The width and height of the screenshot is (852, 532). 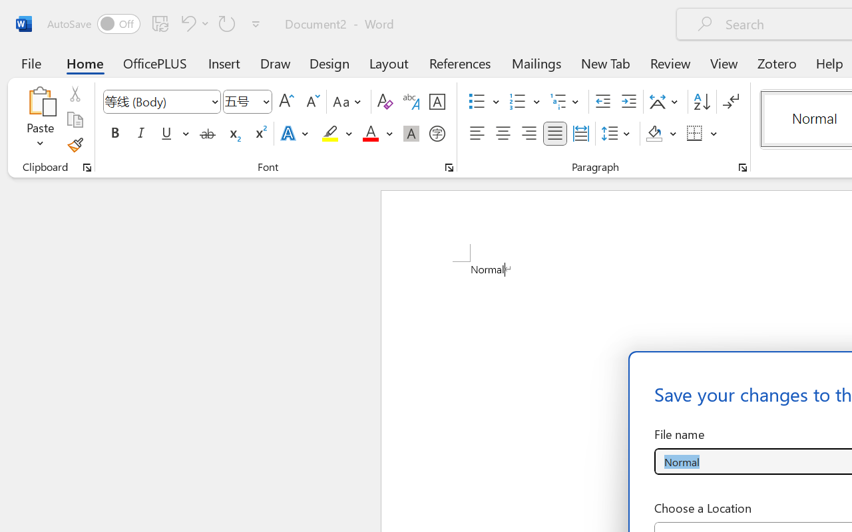 What do you see at coordinates (160, 23) in the screenshot?
I see `'Save'` at bounding box center [160, 23].